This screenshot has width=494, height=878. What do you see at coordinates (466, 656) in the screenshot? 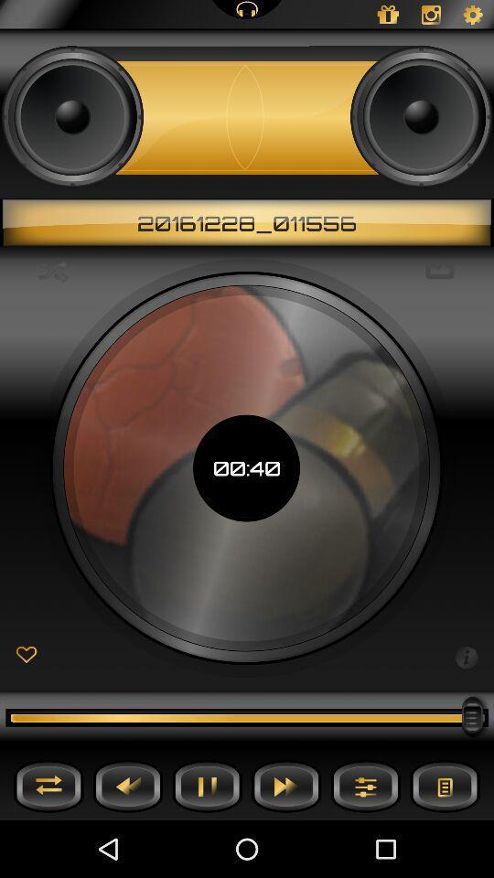
I see `the info icon` at bounding box center [466, 656].